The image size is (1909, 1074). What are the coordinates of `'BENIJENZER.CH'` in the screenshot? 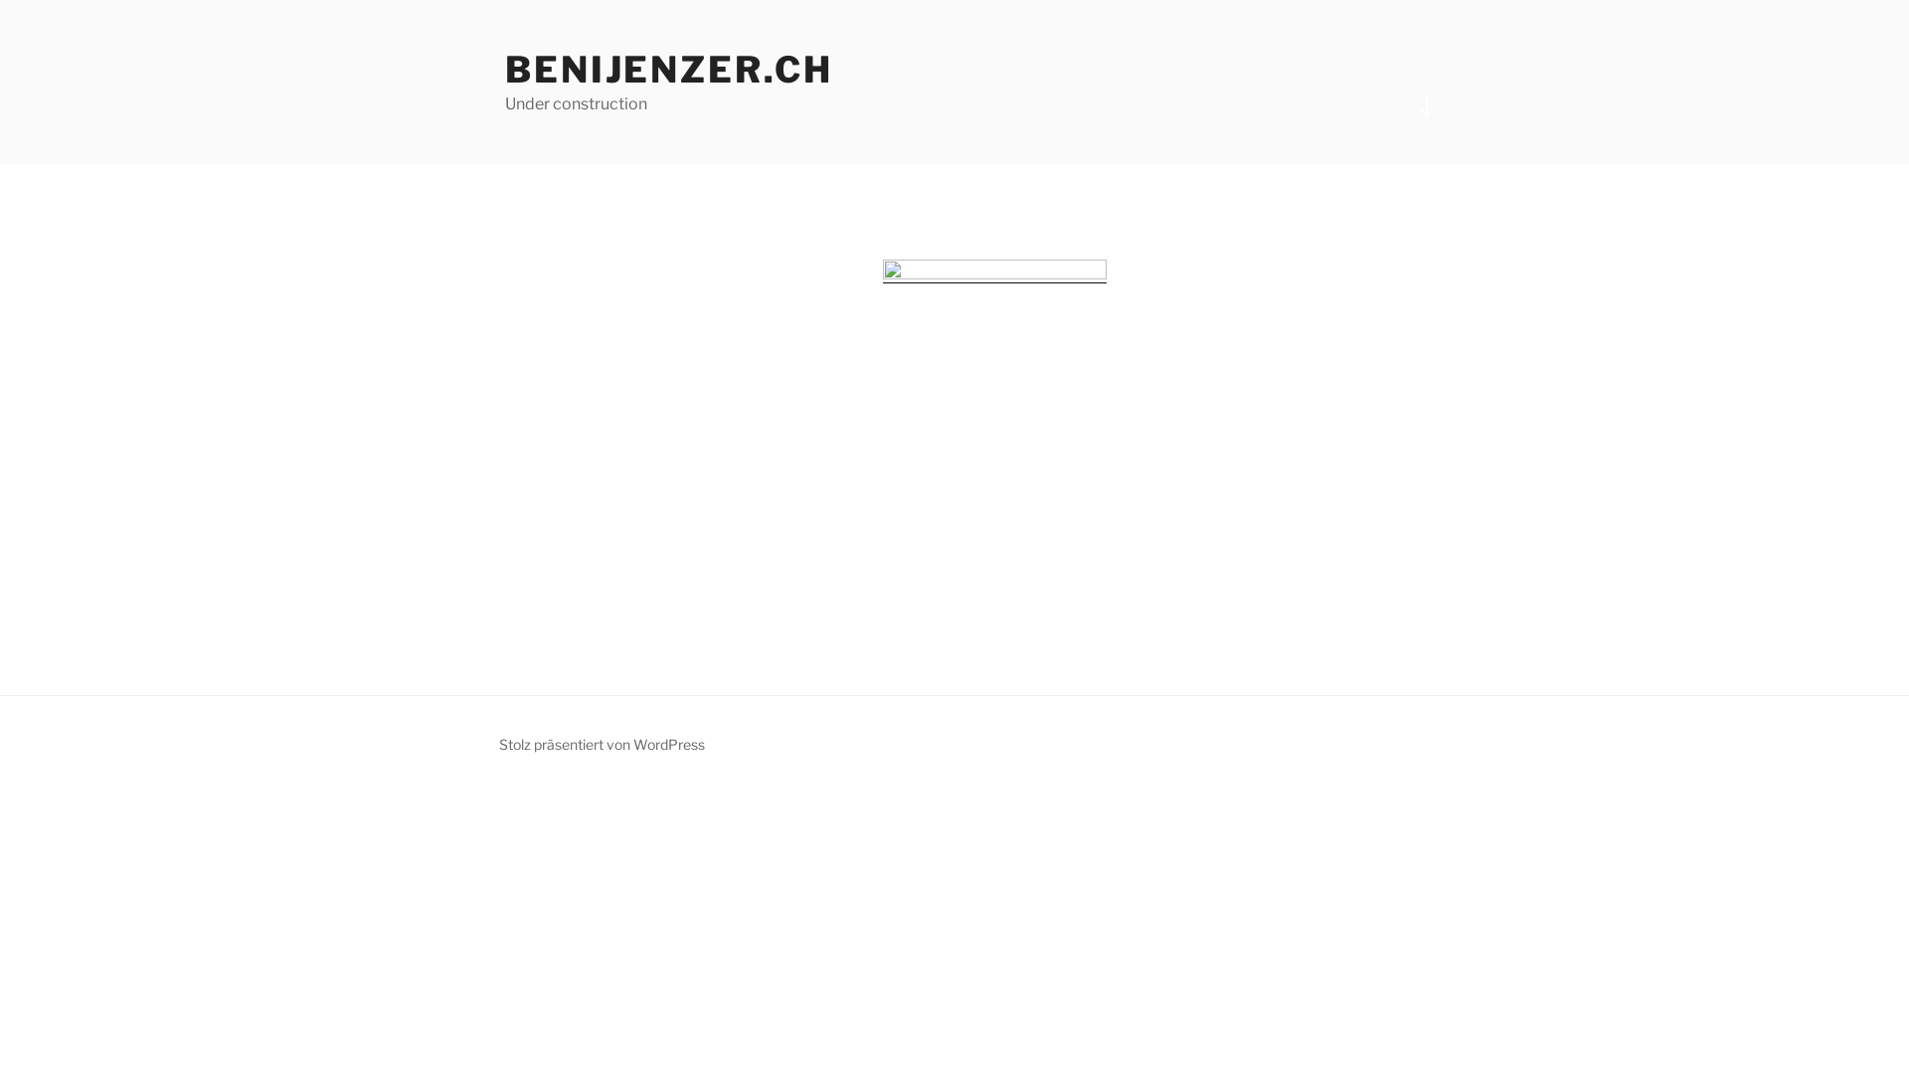 It's located at (668, 68).